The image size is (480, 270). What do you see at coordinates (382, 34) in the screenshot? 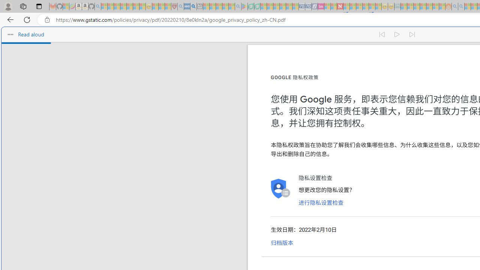
I see `'Read previous paragraph'` at bounding box center [382, 34].